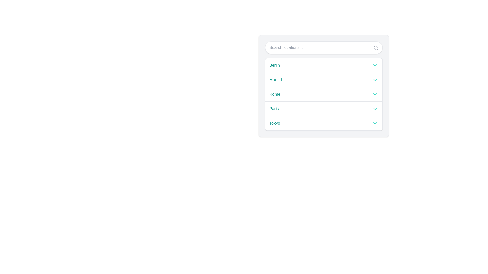 Image resolution: width=488 pixels, height=274 pixels. I want to click on the static text label displaying the word 'Paris', which is styled with medium font weight and a teal color, and is part of a selectable row aligned on the left side, so click(274, 108).